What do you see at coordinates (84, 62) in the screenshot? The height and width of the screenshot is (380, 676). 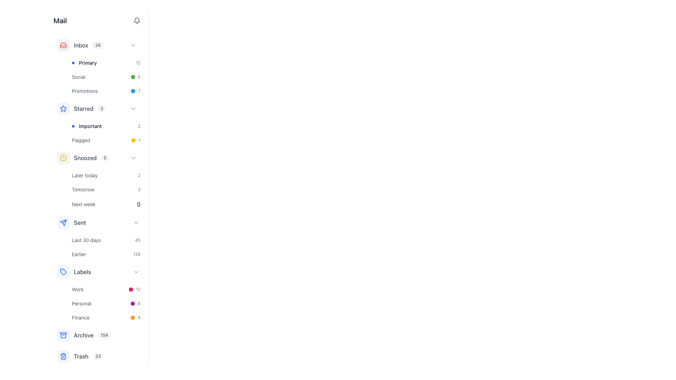 I see `the first category item in the 'Inbox' section, labeled 'Primary'` at bounding box center [84, 62].